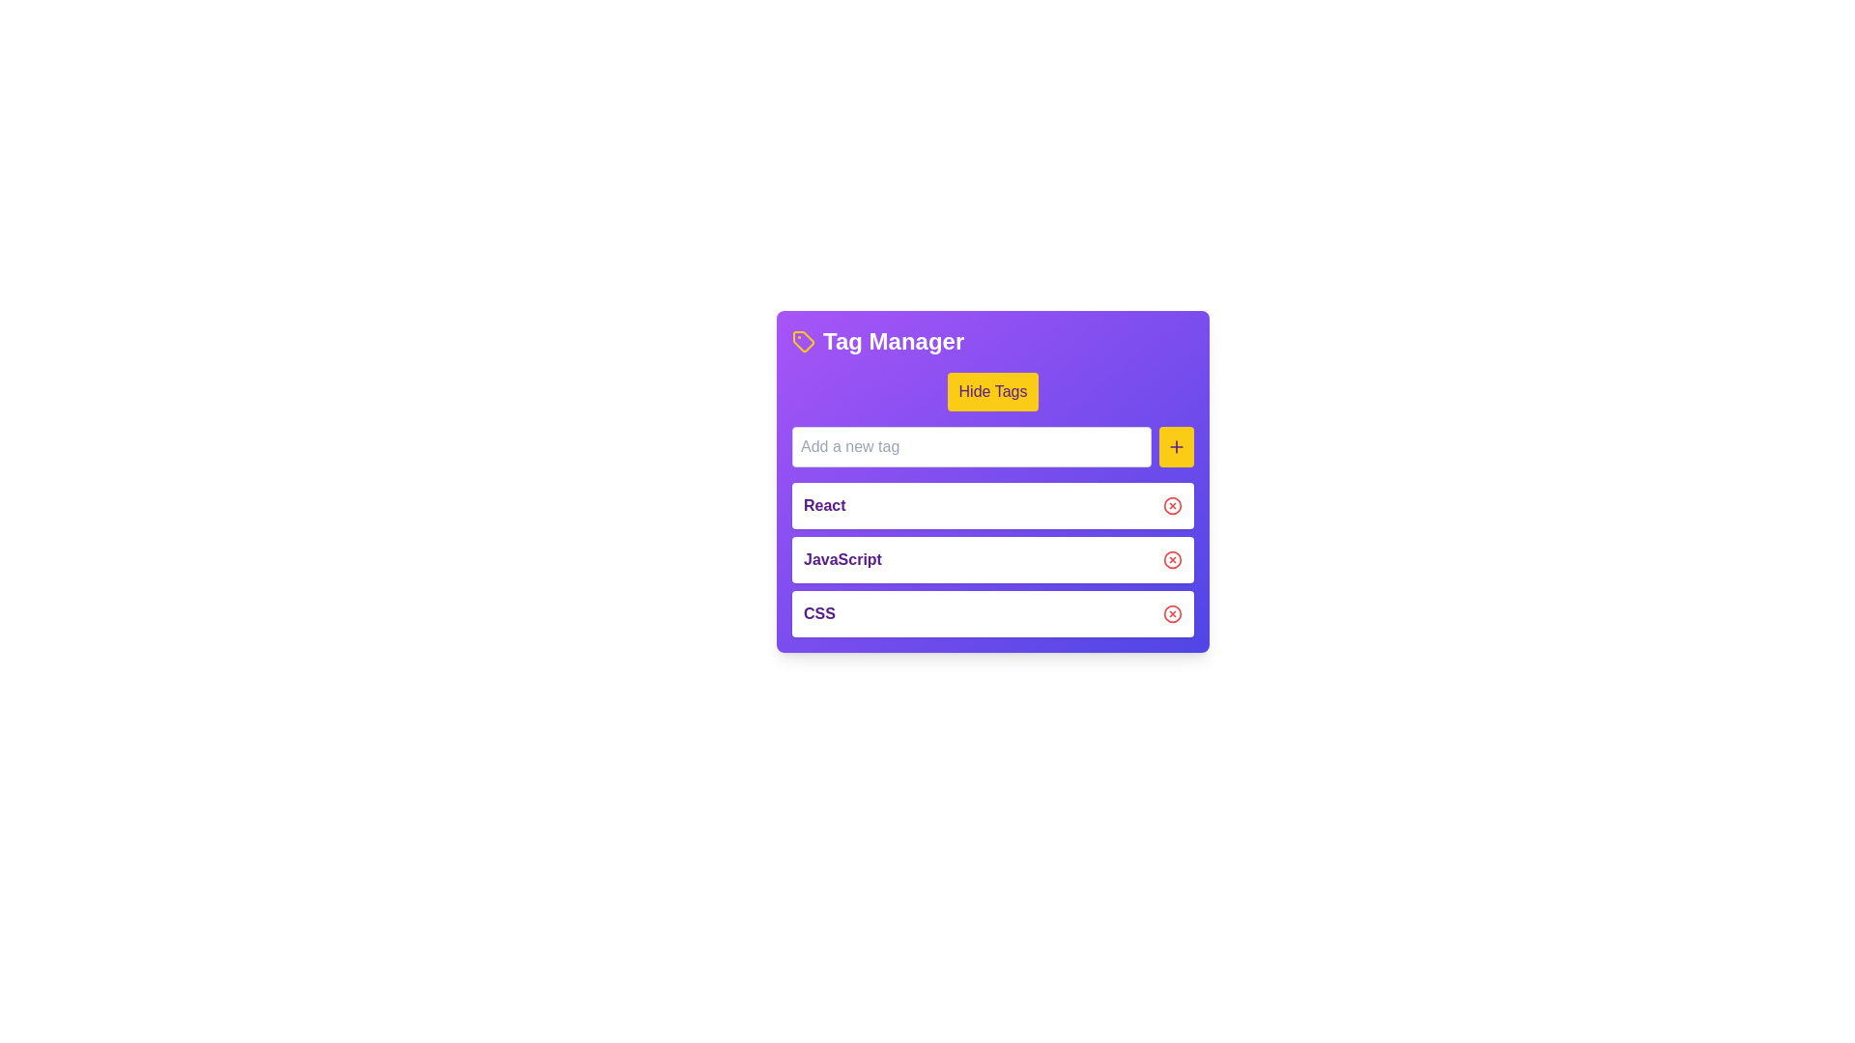 The height and width of the screenshot is (1043, 1855). Describe the element at coordinates (992, 559) in the screenshot. I see `the second card in the list titled 'Tag Manager', which displays 'JavaScript' in bold purple font and features a red clickable delete button with a white 'x'` at that location.